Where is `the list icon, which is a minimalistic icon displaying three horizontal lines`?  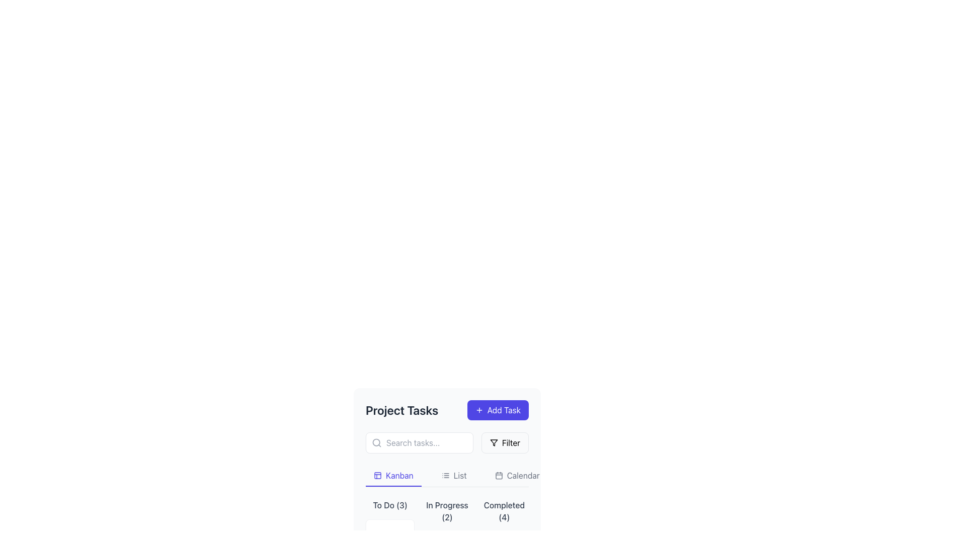 the list icon, which is a minimalistic icon displaying three horizontal lines is located at coordinates (445, 475).